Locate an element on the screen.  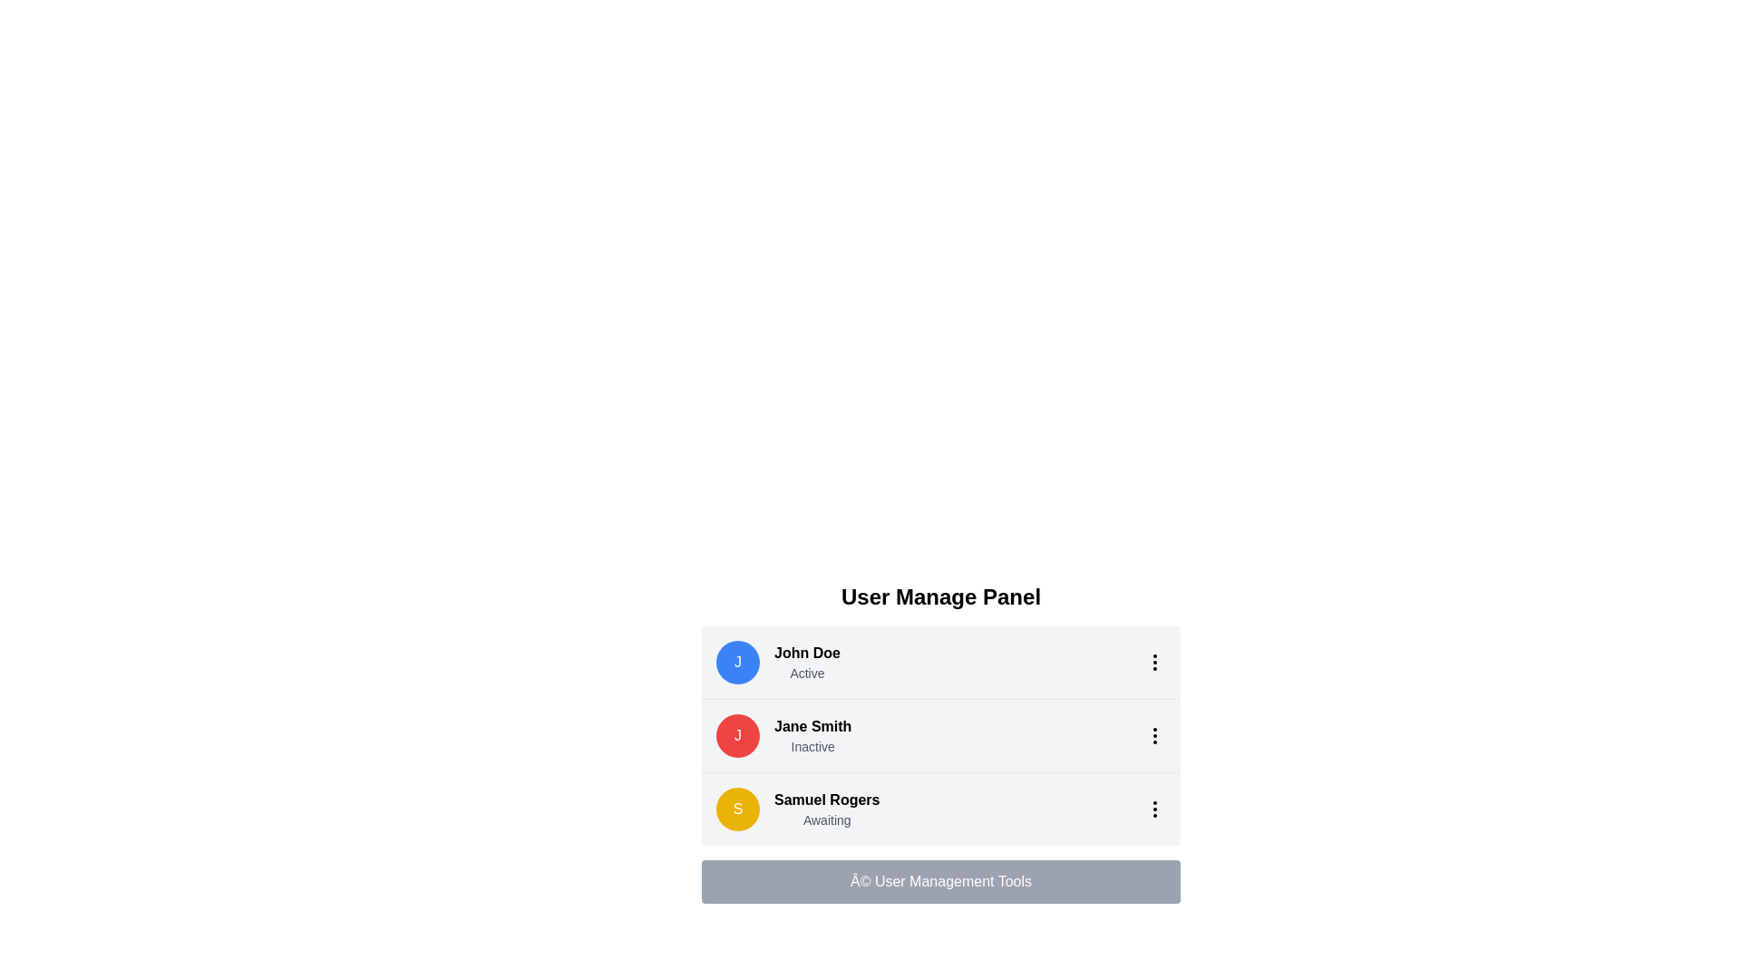
the text label displaying '© User Management Tools' located at the bottom of the user interface with a gray background is located at coordinates (940, 880).